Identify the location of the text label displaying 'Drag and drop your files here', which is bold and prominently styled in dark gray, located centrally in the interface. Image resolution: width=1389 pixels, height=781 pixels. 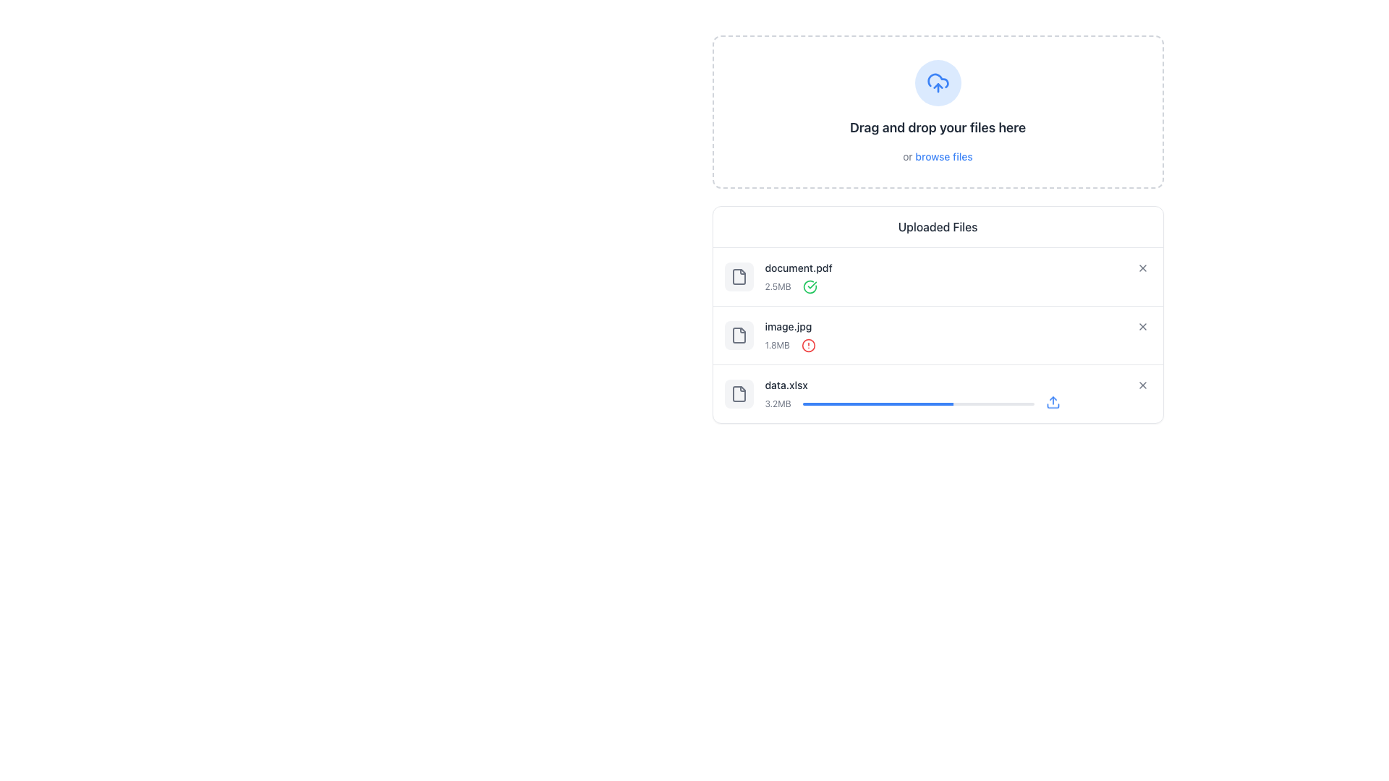
(938, 127).